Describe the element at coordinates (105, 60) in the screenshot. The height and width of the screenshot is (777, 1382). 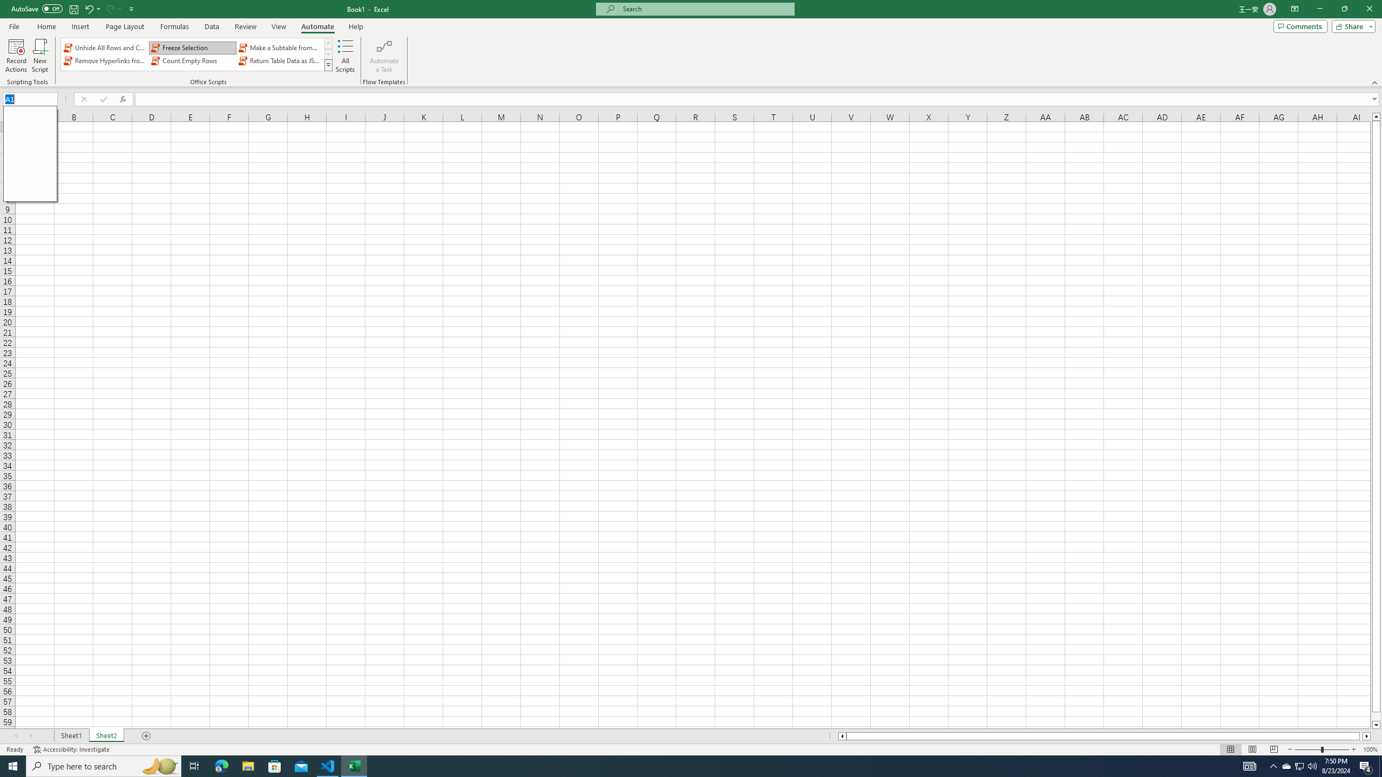
I see `'Remove Hyperlinks from Sheet'` at that location.